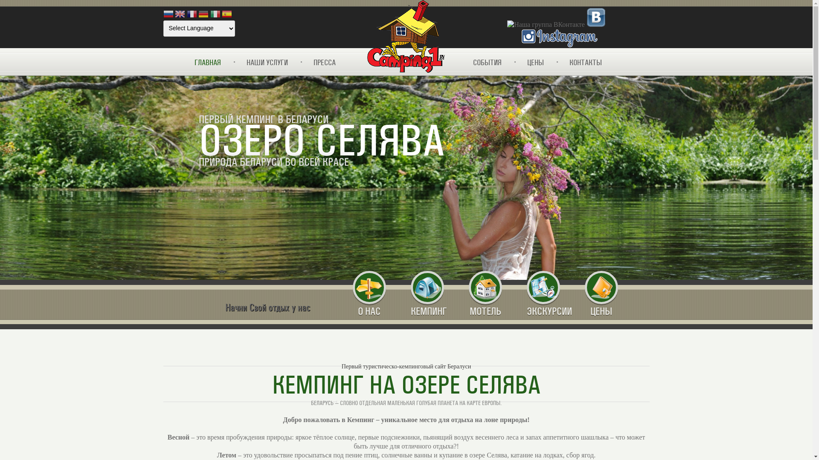 This screenshot has width=819, height=460. I want to click on 'Logo', so click(405, 37).